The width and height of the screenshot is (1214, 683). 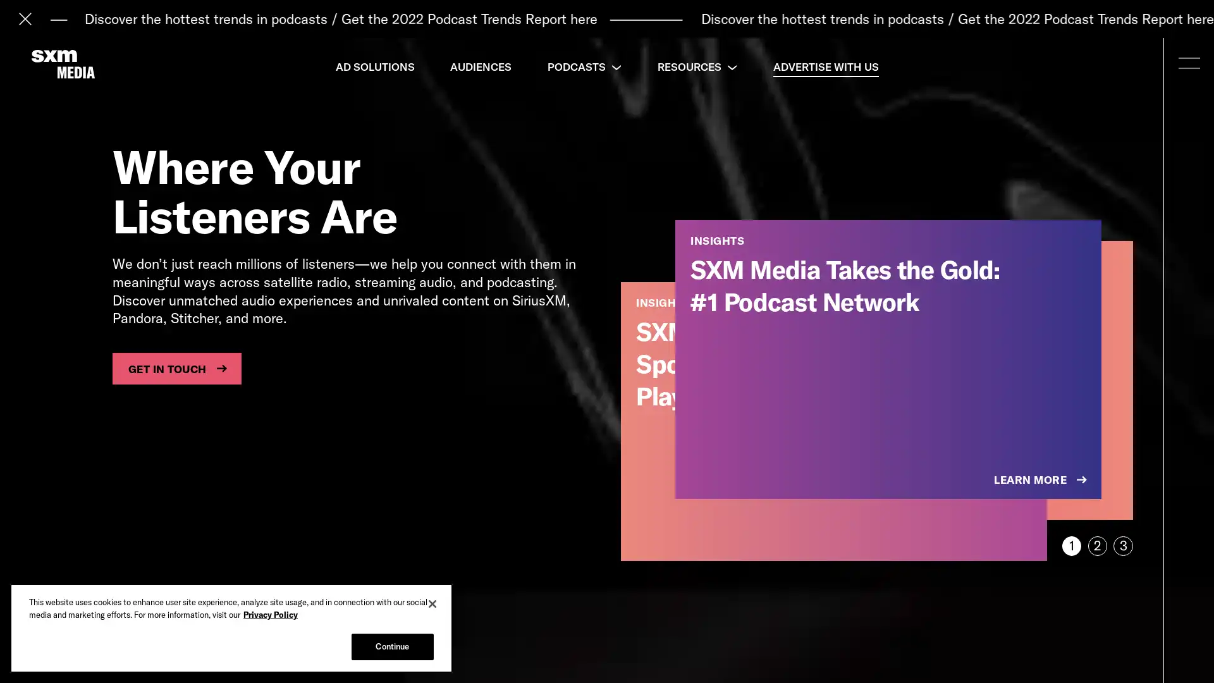 What do you see at coordinates (176, 368) in the screenshot?
I see `GET IN TOUCH` at bounding box center [176, 368].